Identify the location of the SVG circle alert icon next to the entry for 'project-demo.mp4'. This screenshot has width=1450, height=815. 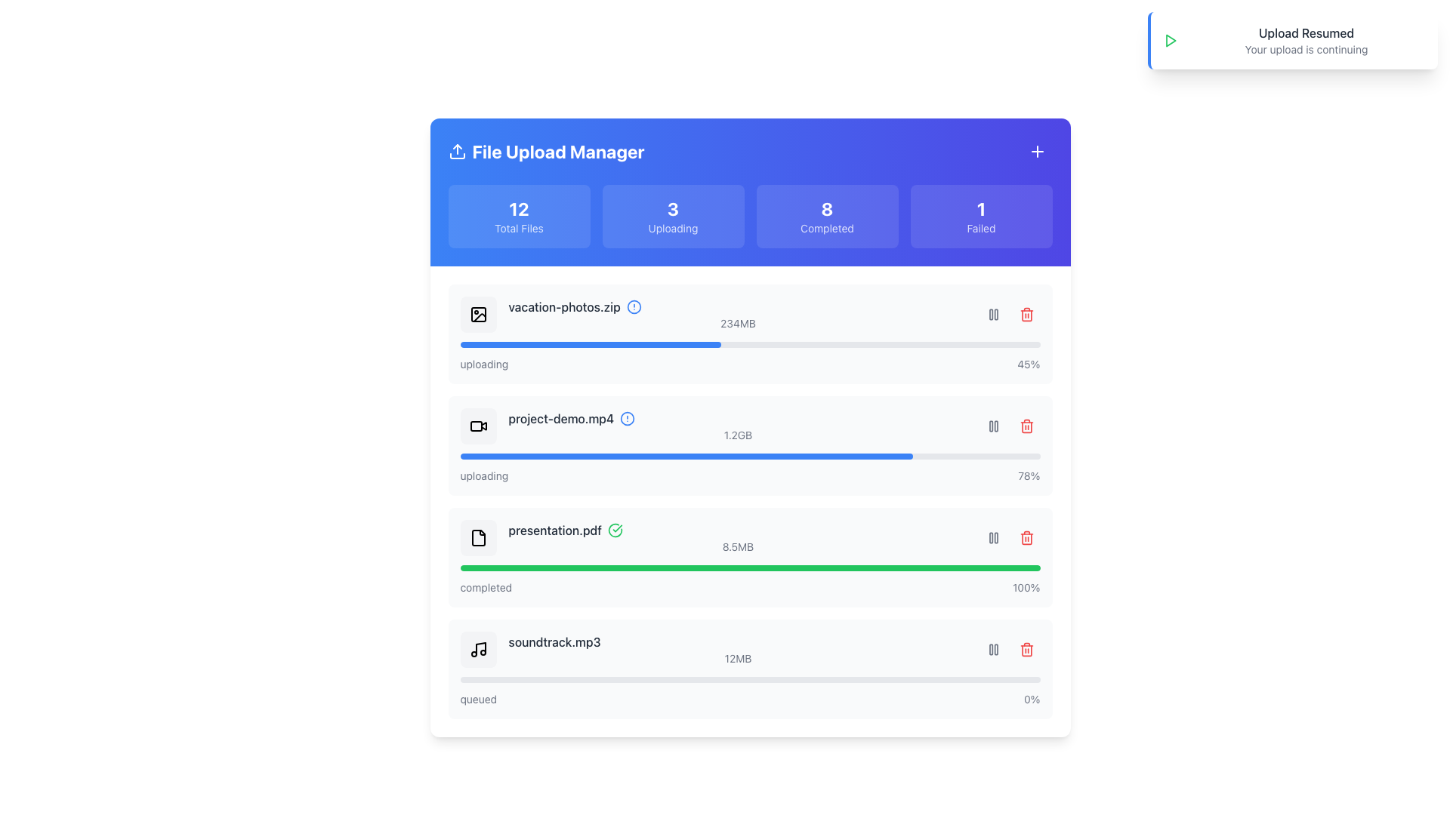
(628, 419).